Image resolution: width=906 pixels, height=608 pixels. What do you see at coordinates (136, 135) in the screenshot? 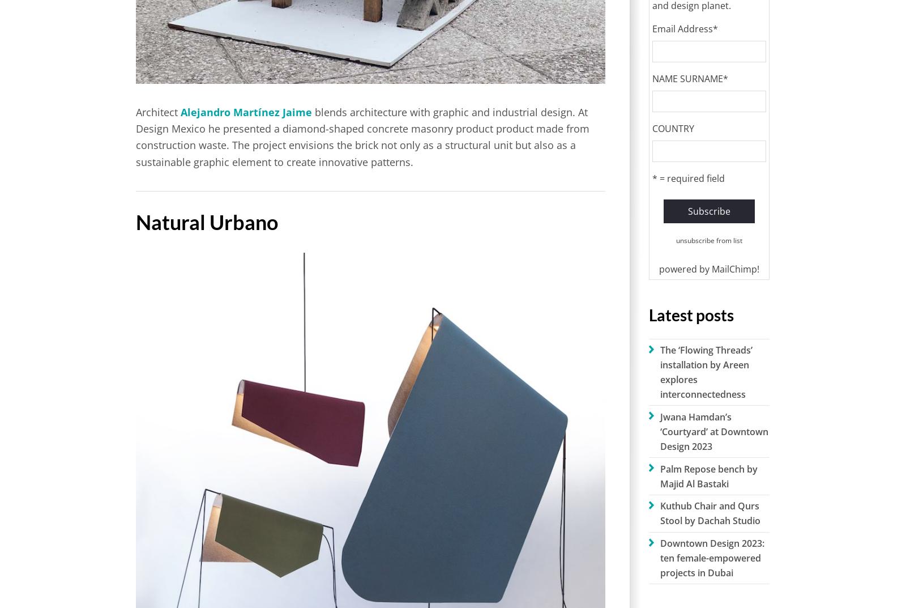
I see `'blends architecture with graphic and industrial design. At Design Mexico he presented a diamond-shaped concrete masonry product product made from construction waste. The project envisions the brick not only as a structural unit but also as a sustainable graphic element to create innovative patterns.'` at bounding box center [136, 135].